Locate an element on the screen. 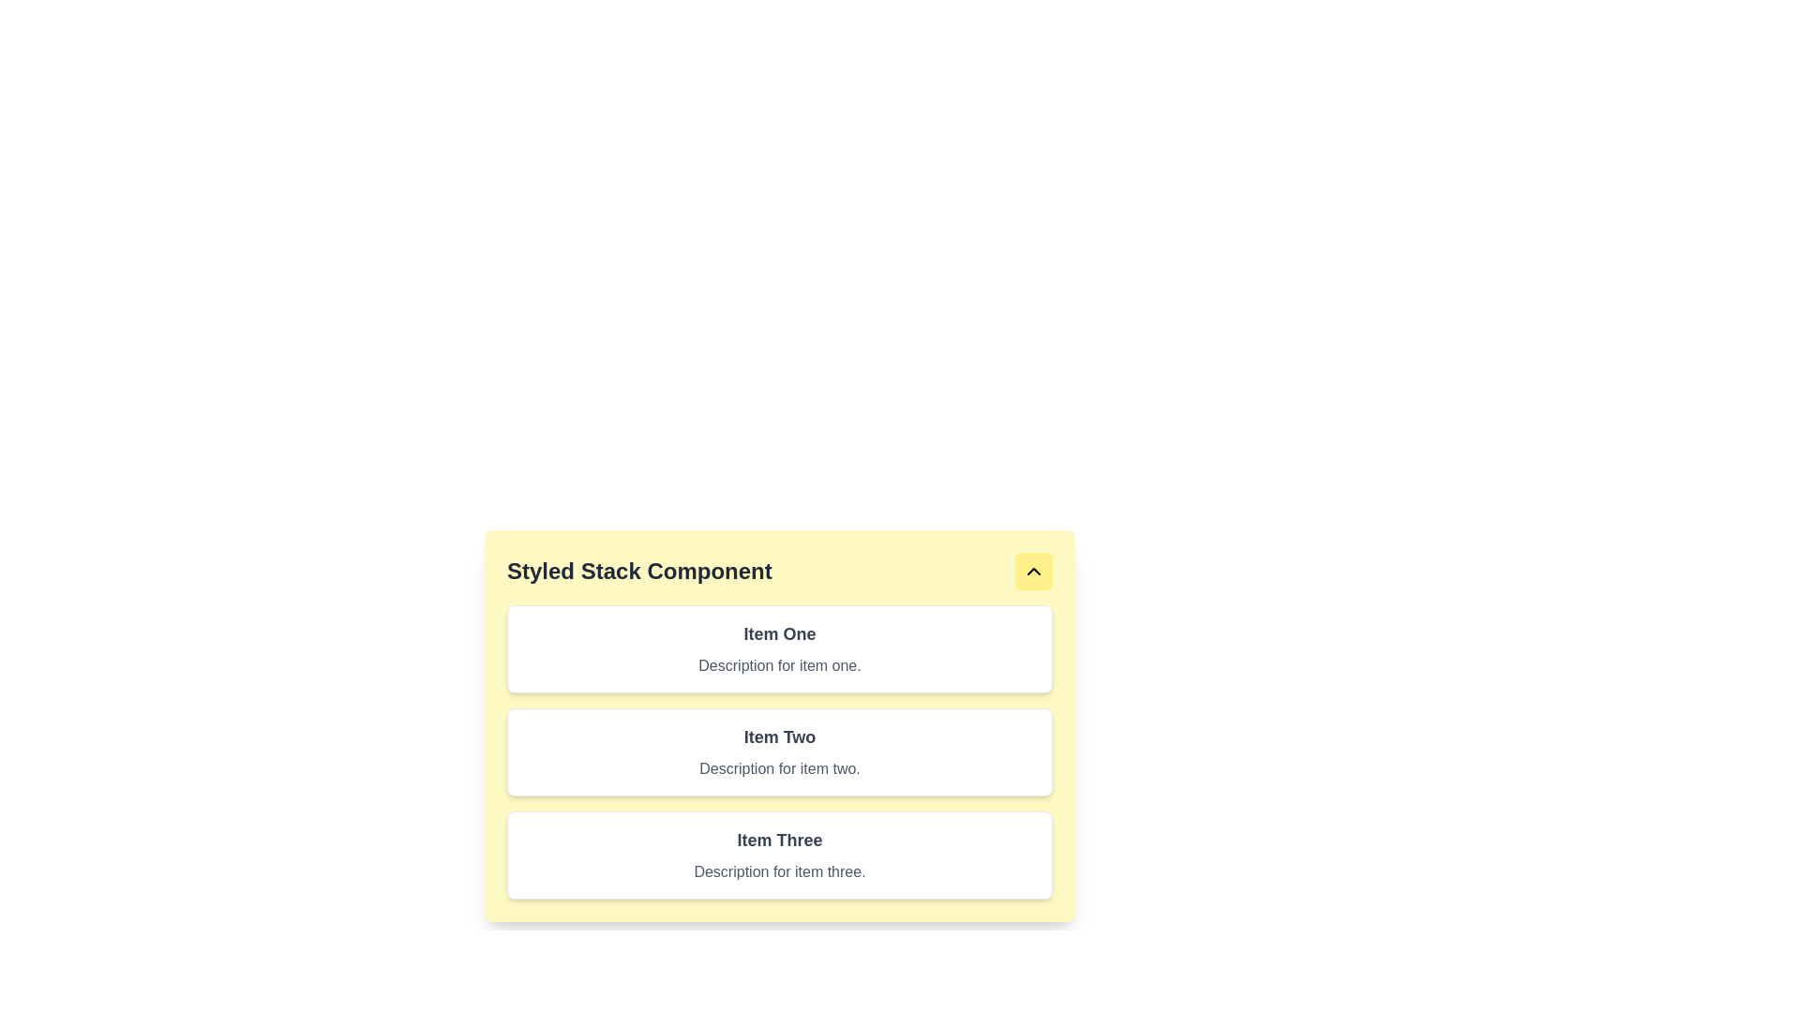 The height and width of the screenshot is (1012, 1800). the static text label that reads 'Description for item one.' which is styled with a gray font and located below the heading 'Item One' in a card UI component is located at coordinates (779, 664).